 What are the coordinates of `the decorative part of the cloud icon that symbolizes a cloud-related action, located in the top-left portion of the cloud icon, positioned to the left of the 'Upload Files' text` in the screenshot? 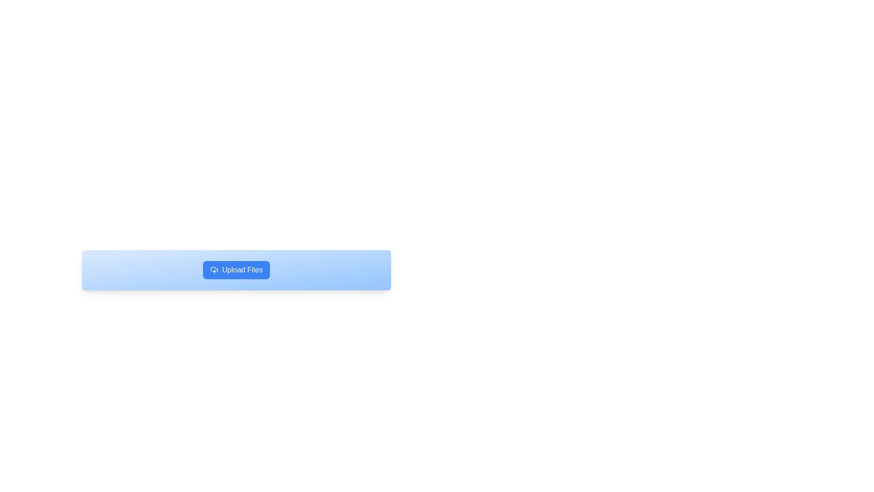 It's located at (213, 269).